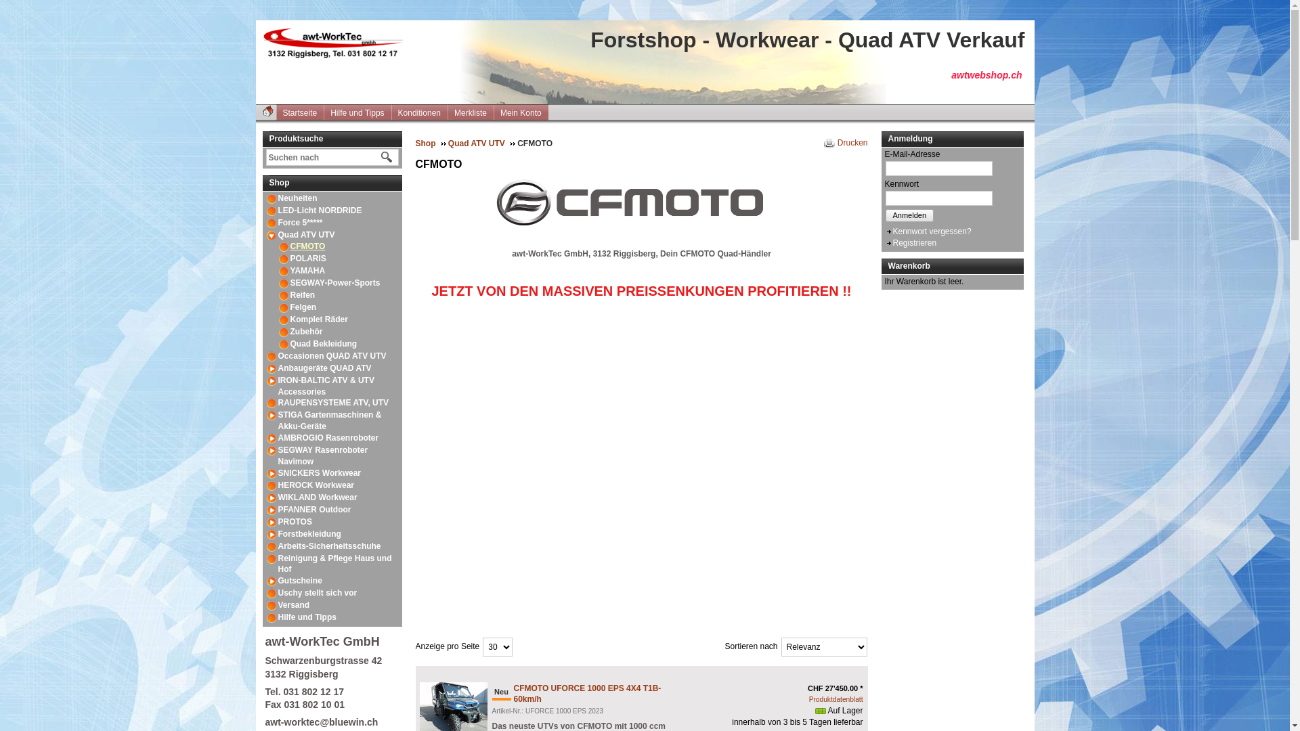 Image resolution: width=1300 pixels, height=731 pixels. What do you see at coordinates (335, 282) in the screenshot?
I see `'SEGWAY-Power-Sports'` at bounding box center [335, 282].